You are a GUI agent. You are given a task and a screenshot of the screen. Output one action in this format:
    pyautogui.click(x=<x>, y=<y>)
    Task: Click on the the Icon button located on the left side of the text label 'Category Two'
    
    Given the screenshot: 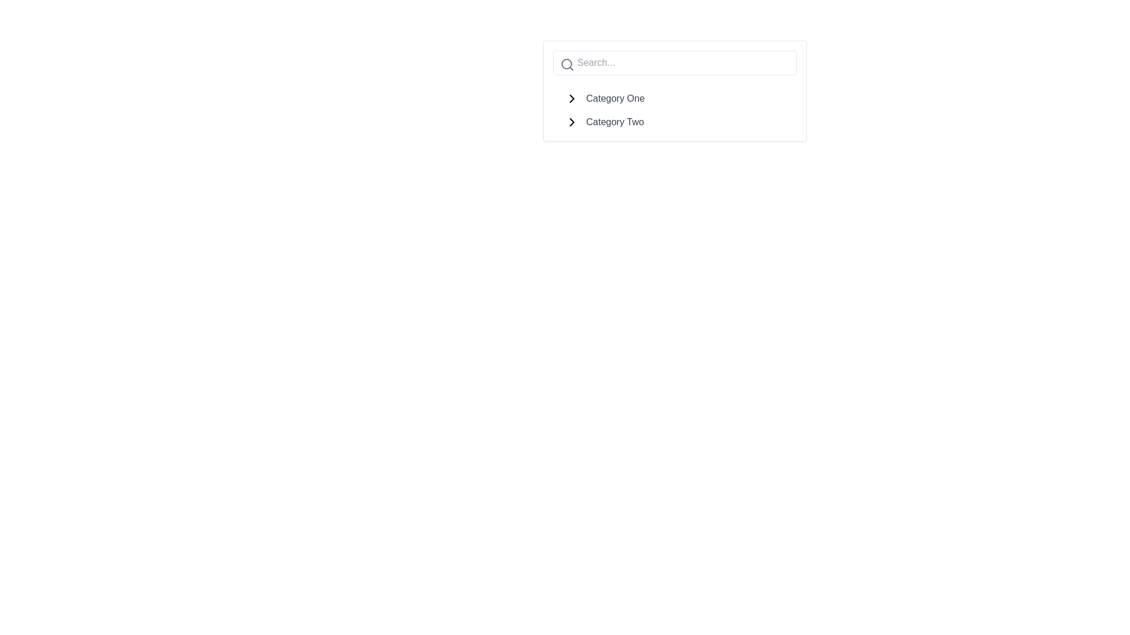 What is the action you would take?
    pyautogui.click(x=571, y=122)
    